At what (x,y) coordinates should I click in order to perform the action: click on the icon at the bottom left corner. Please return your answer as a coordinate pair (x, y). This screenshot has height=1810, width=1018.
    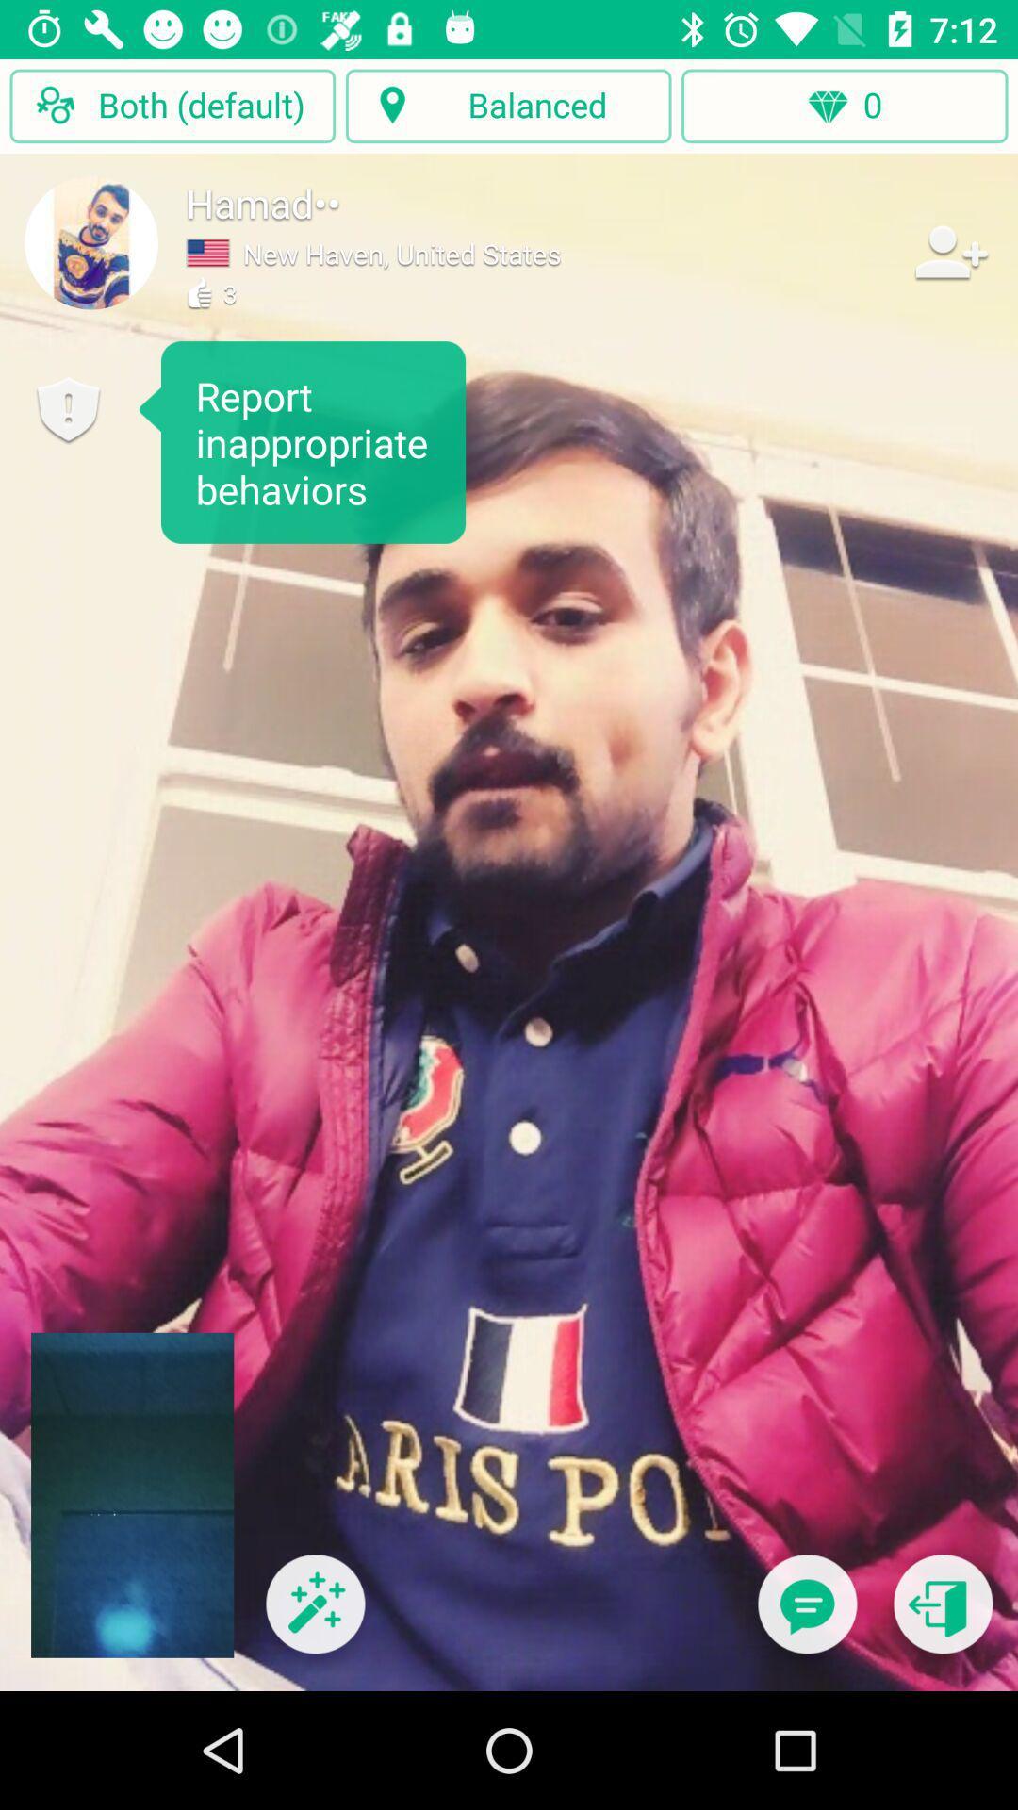
    Looking at the image, I should click on (314, 1615).